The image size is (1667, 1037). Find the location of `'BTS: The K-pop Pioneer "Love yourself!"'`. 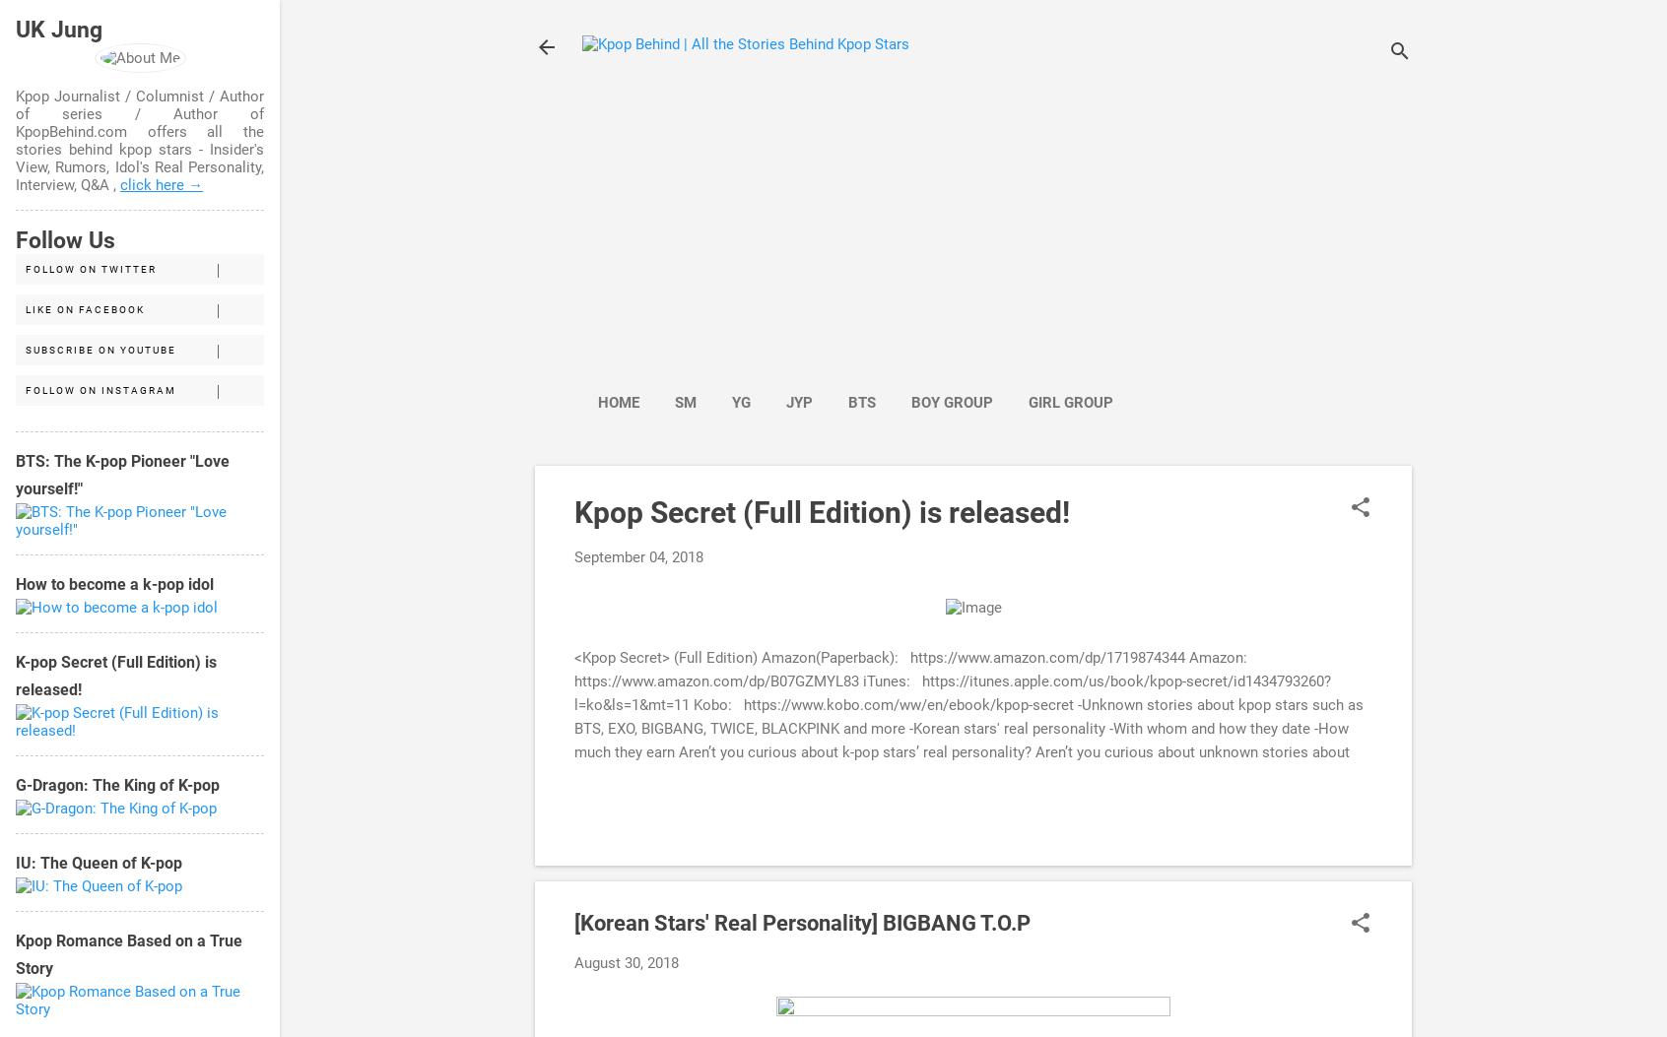

'BTS: The K-pop Pioneer "Love yourself!"' is located at coordinates (122, 475).